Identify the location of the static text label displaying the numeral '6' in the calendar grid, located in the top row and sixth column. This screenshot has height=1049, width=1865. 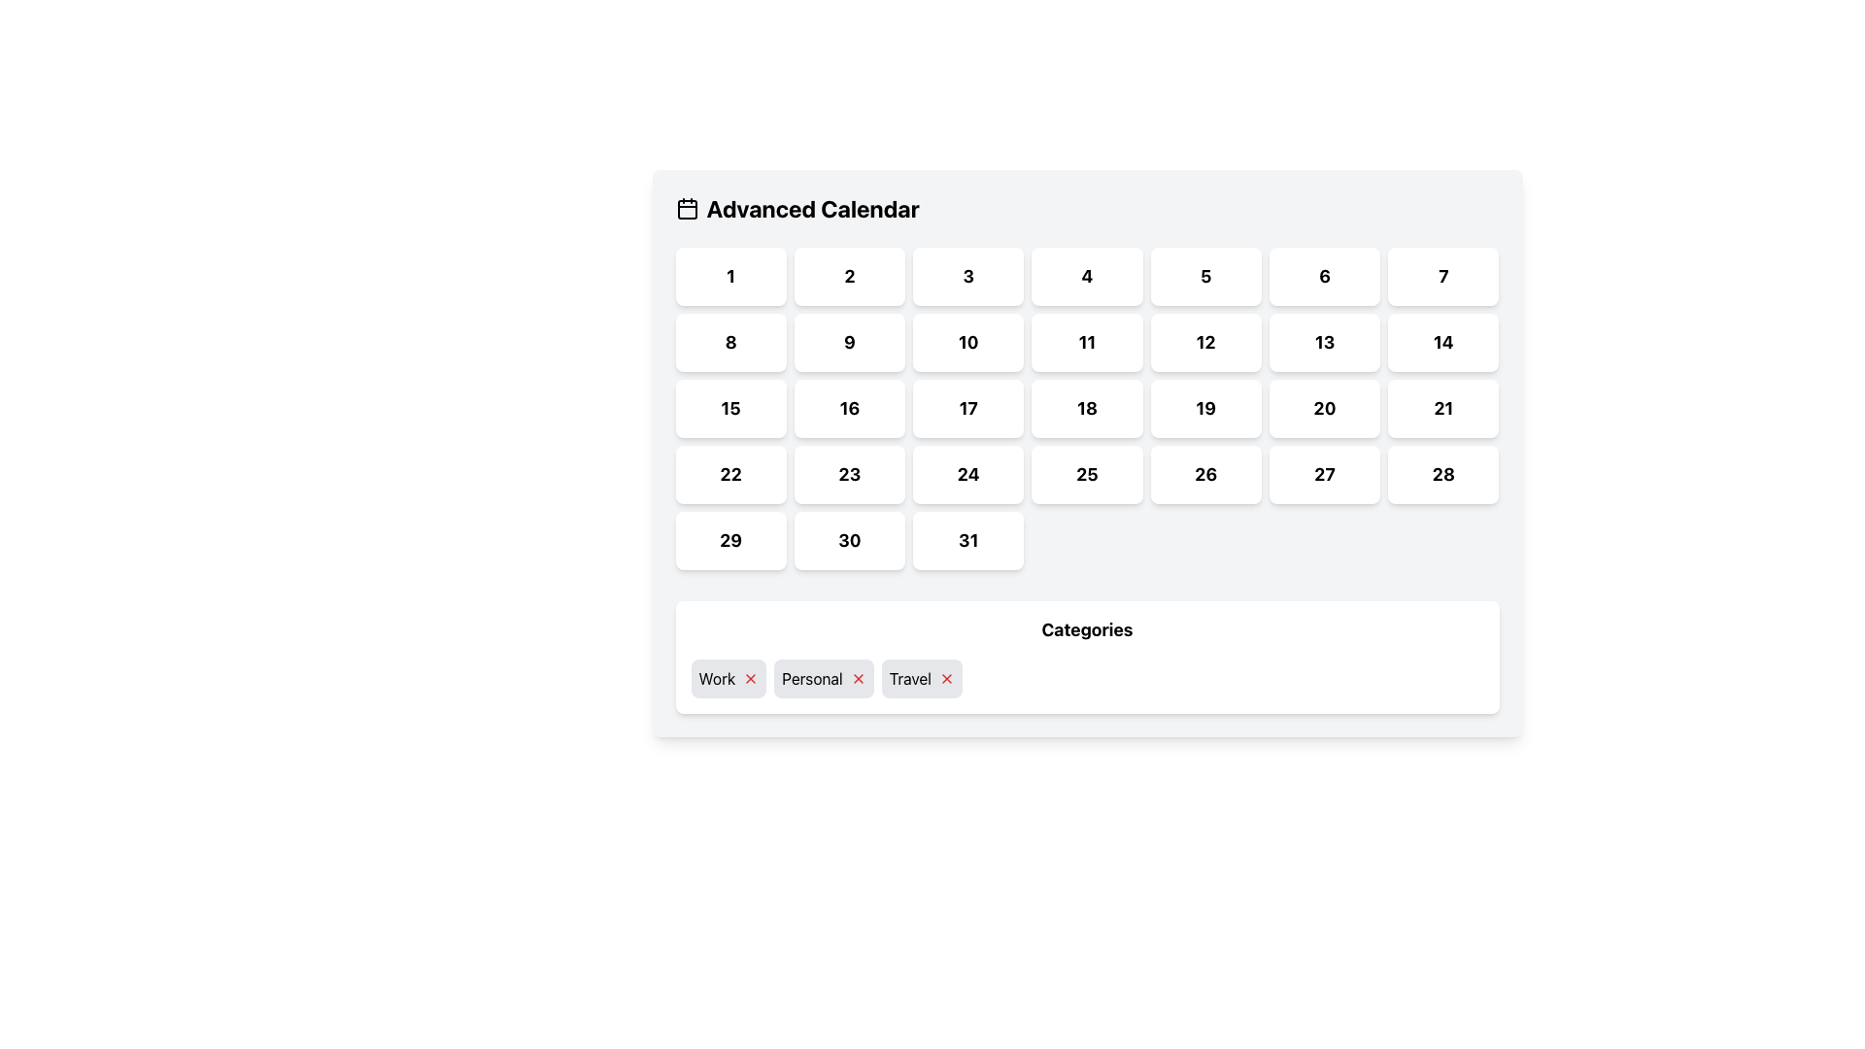
(1323, 276).